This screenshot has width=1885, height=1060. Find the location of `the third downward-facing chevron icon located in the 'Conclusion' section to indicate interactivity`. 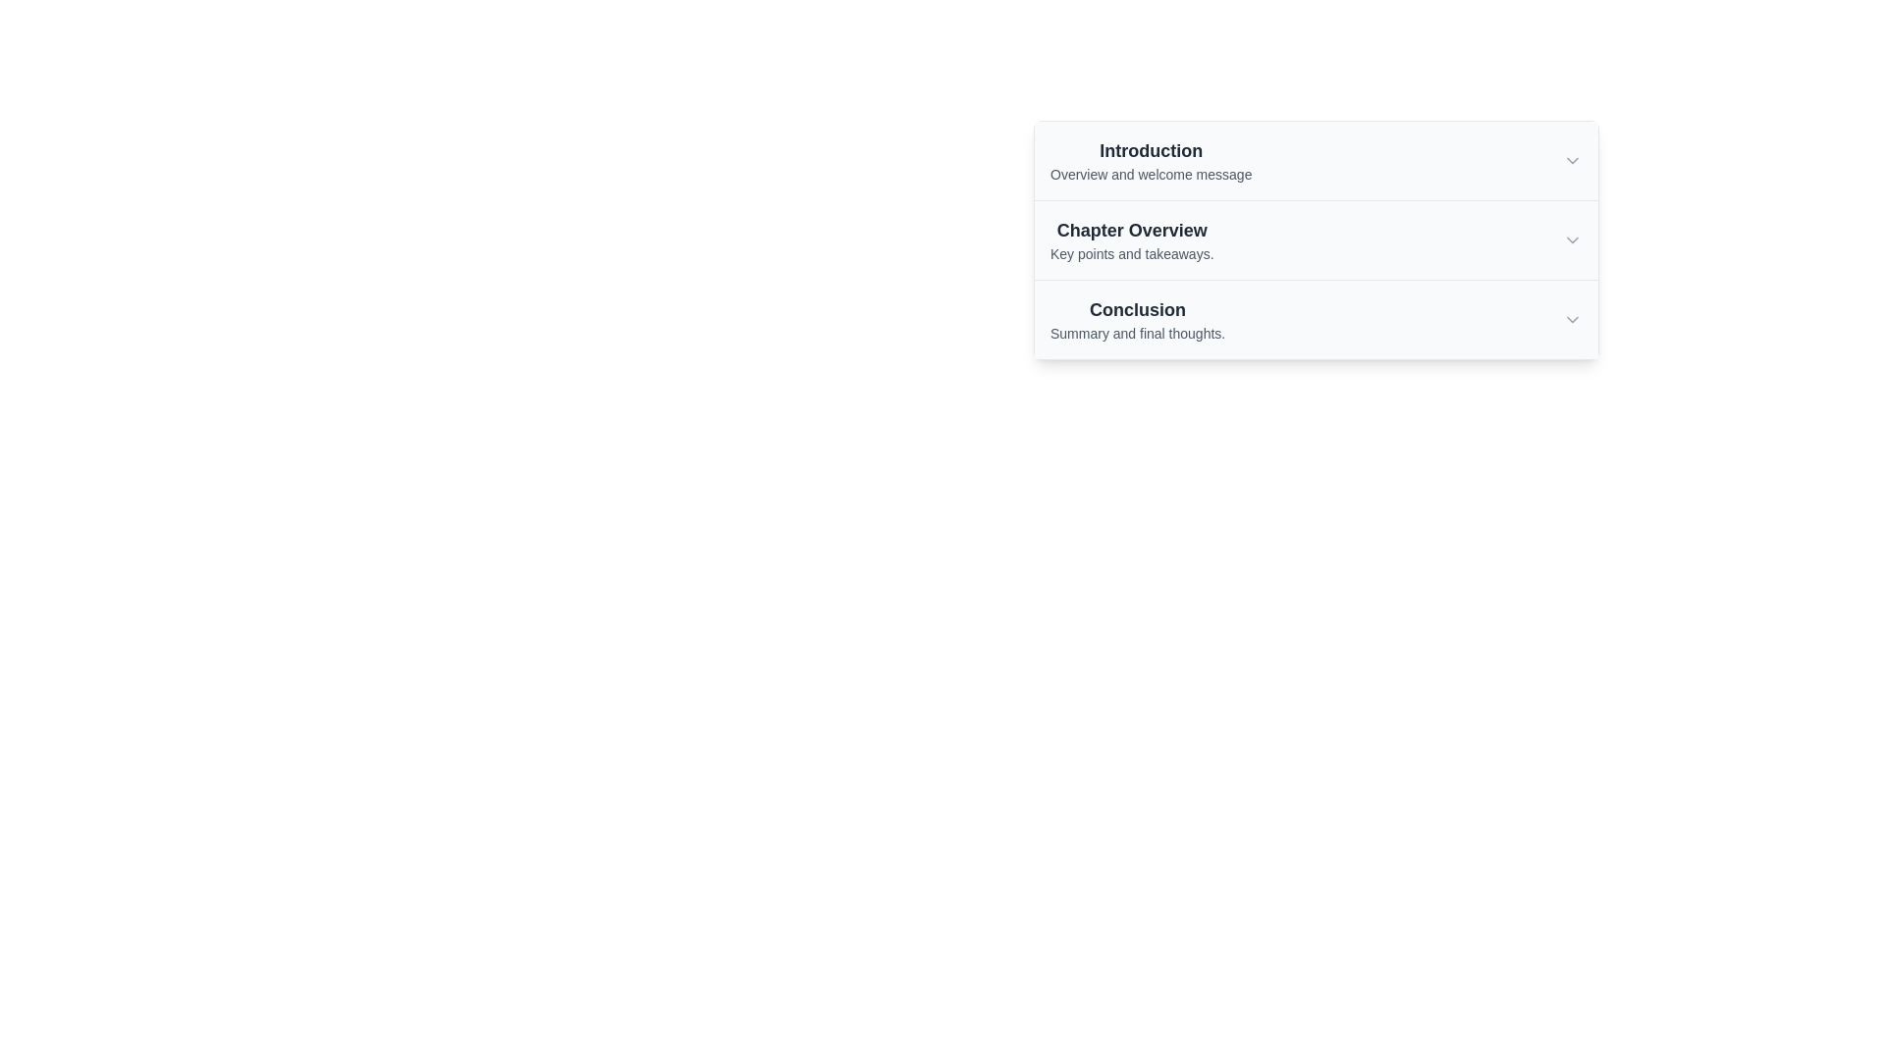

the third downward-facing chevron icon located in the 'Conclusion' section to indicate interactivity is located at coordinates (1573, 319).